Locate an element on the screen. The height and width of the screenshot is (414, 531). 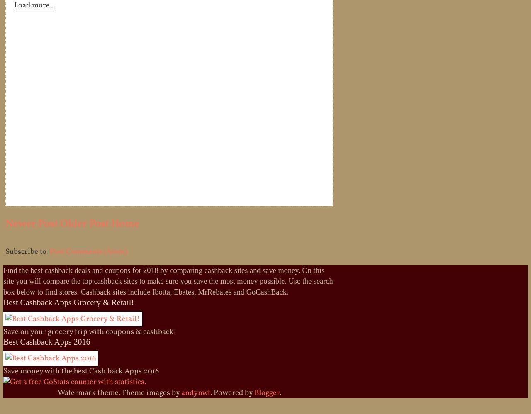
'Newer Post' is located at coordinates (32, 224).